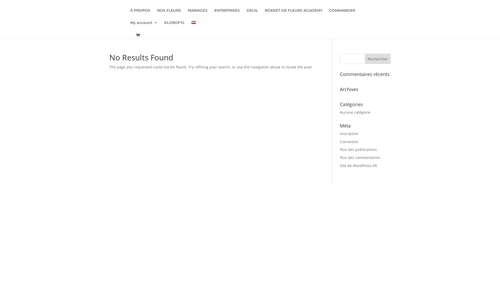  Describe the element at coordinates (349, 133) in the screenshot. I see `'Inscription'` at that location.